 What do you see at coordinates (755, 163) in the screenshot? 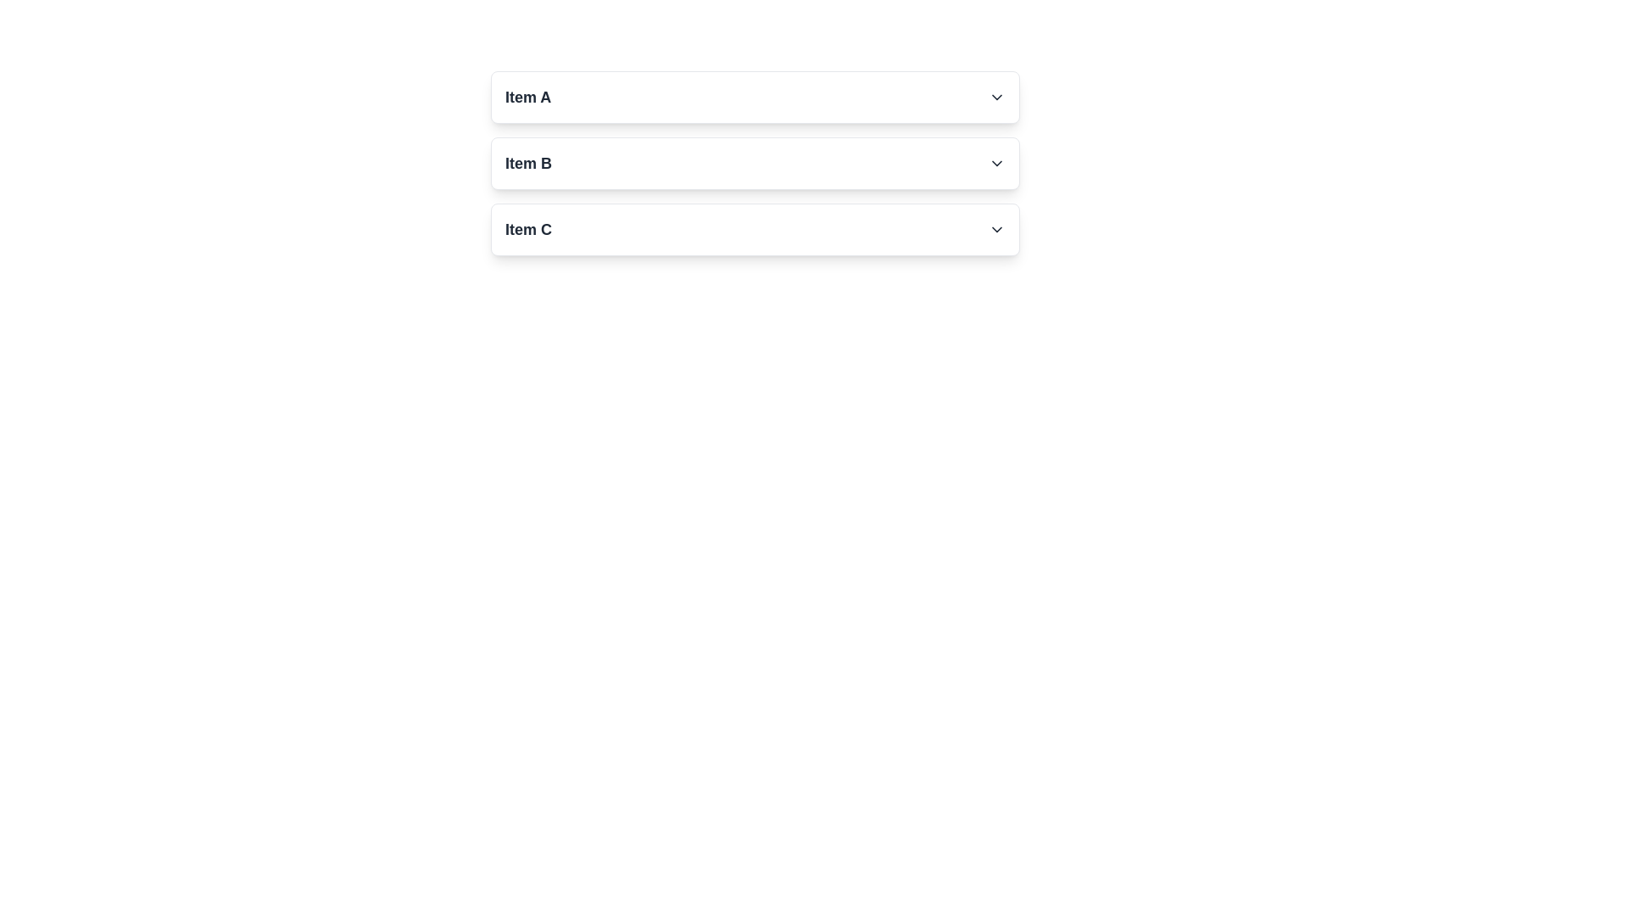
I see `the dropdown menu item labeled 'Item B', which is the second item in a vertical stack of three` at bounding box center [755, 163].